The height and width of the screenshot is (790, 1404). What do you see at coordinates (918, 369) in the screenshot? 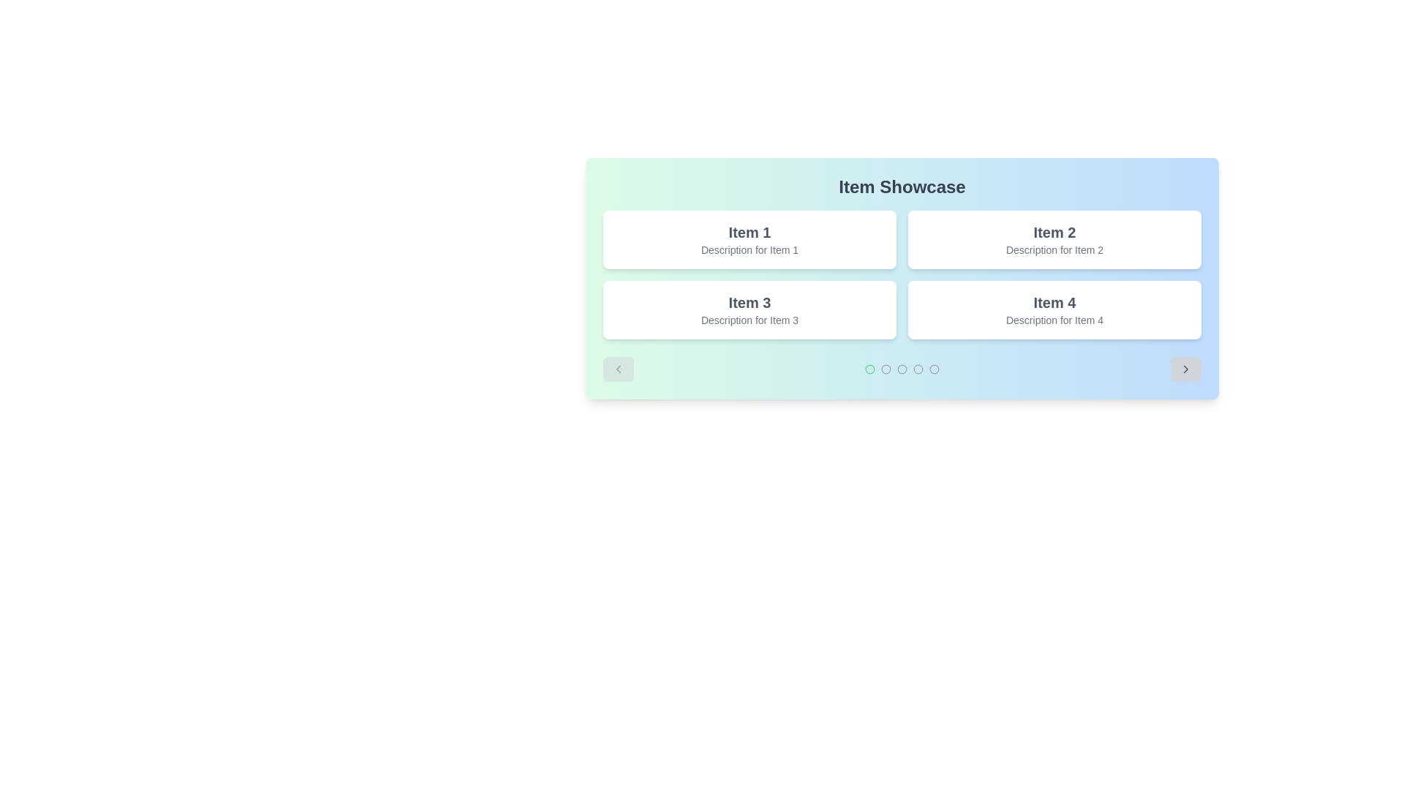
I see `the fifth circular icon in the carousel navigation at the bottom center of the interface` at bounding box center [918, 369].